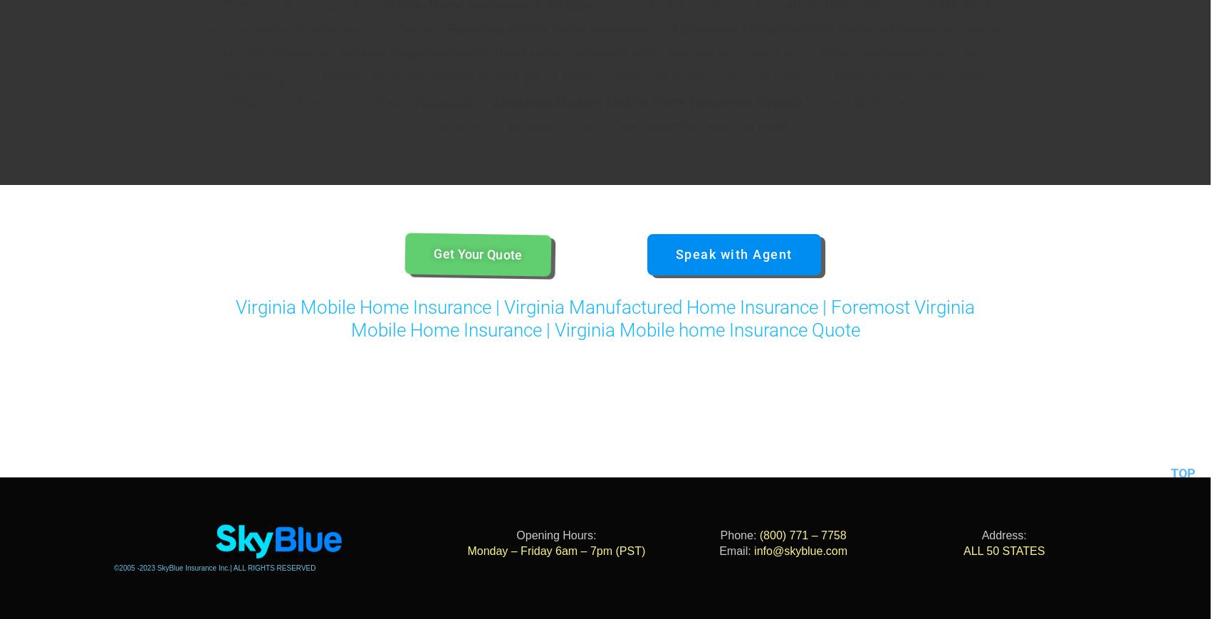  What do you see at coordinates (578, 28) in the screenshot?
I see `'mobile home insurance'` at bounding box center [578, 28].